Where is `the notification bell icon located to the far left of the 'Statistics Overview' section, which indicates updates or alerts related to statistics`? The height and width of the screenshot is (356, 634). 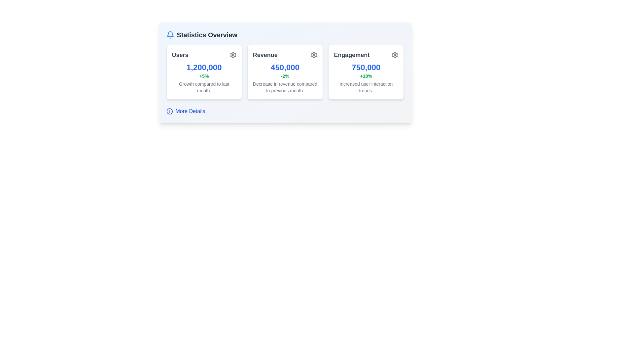 the notification bell icon located to the far left of the 'Statistics Overview' section, which indicates updates or alerts related to statistics is located at coordinates (170, 35).